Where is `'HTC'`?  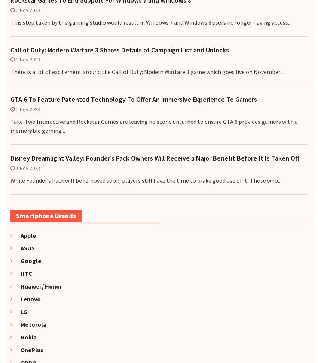
'HTC' is located at coordinates (23, 273).